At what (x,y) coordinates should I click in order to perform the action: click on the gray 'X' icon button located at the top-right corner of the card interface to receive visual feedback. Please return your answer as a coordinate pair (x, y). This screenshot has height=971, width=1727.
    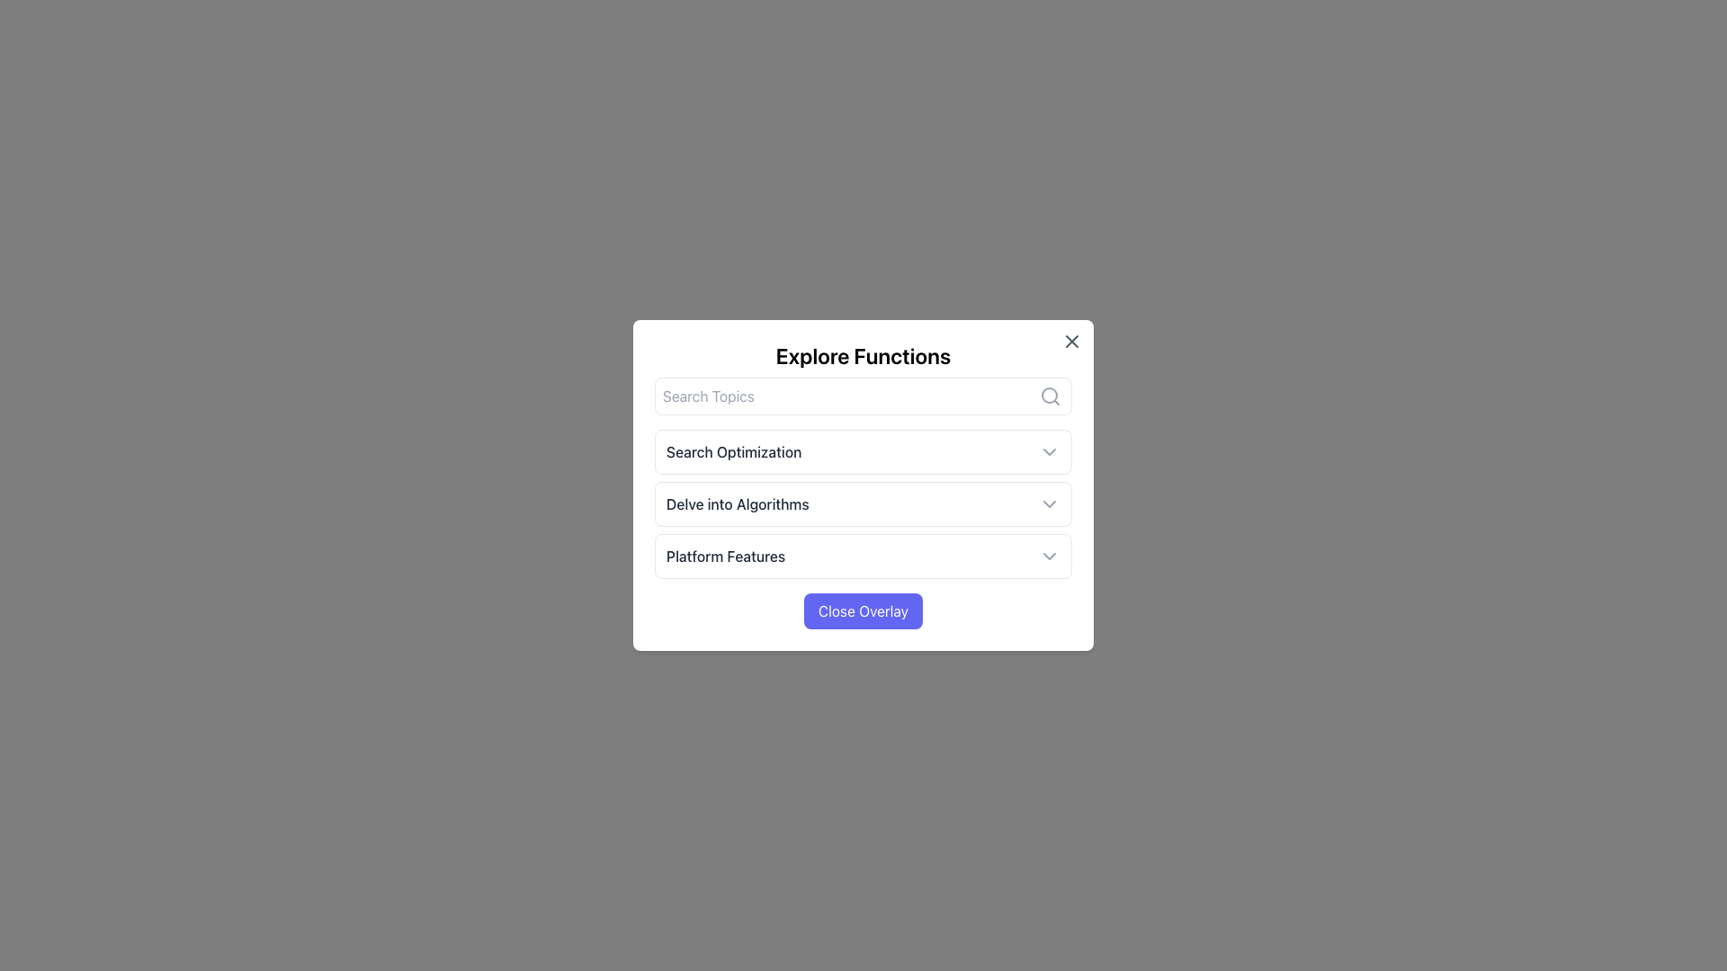
    Looking at the image, I should click on (1071, 342).